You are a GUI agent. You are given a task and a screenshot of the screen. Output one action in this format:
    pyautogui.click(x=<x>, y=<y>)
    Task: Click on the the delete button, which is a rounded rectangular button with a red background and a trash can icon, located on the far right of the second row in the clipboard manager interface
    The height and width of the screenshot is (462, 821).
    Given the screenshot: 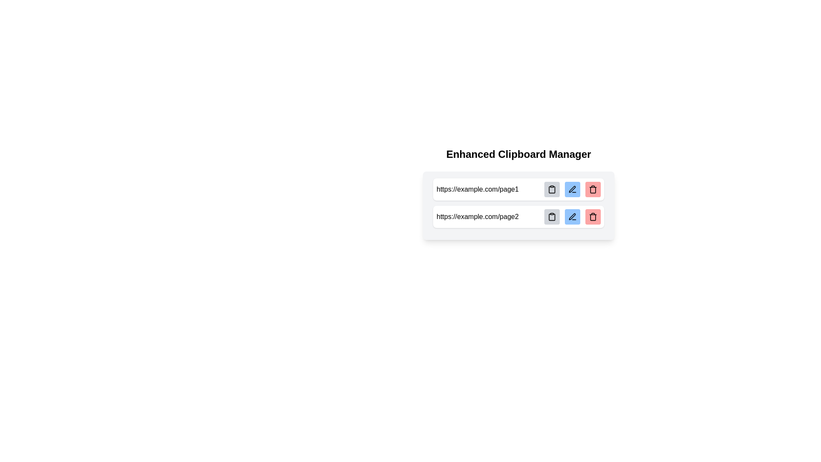 What is the action you would take?
    pyautogui.click(x=593, y=189)
    